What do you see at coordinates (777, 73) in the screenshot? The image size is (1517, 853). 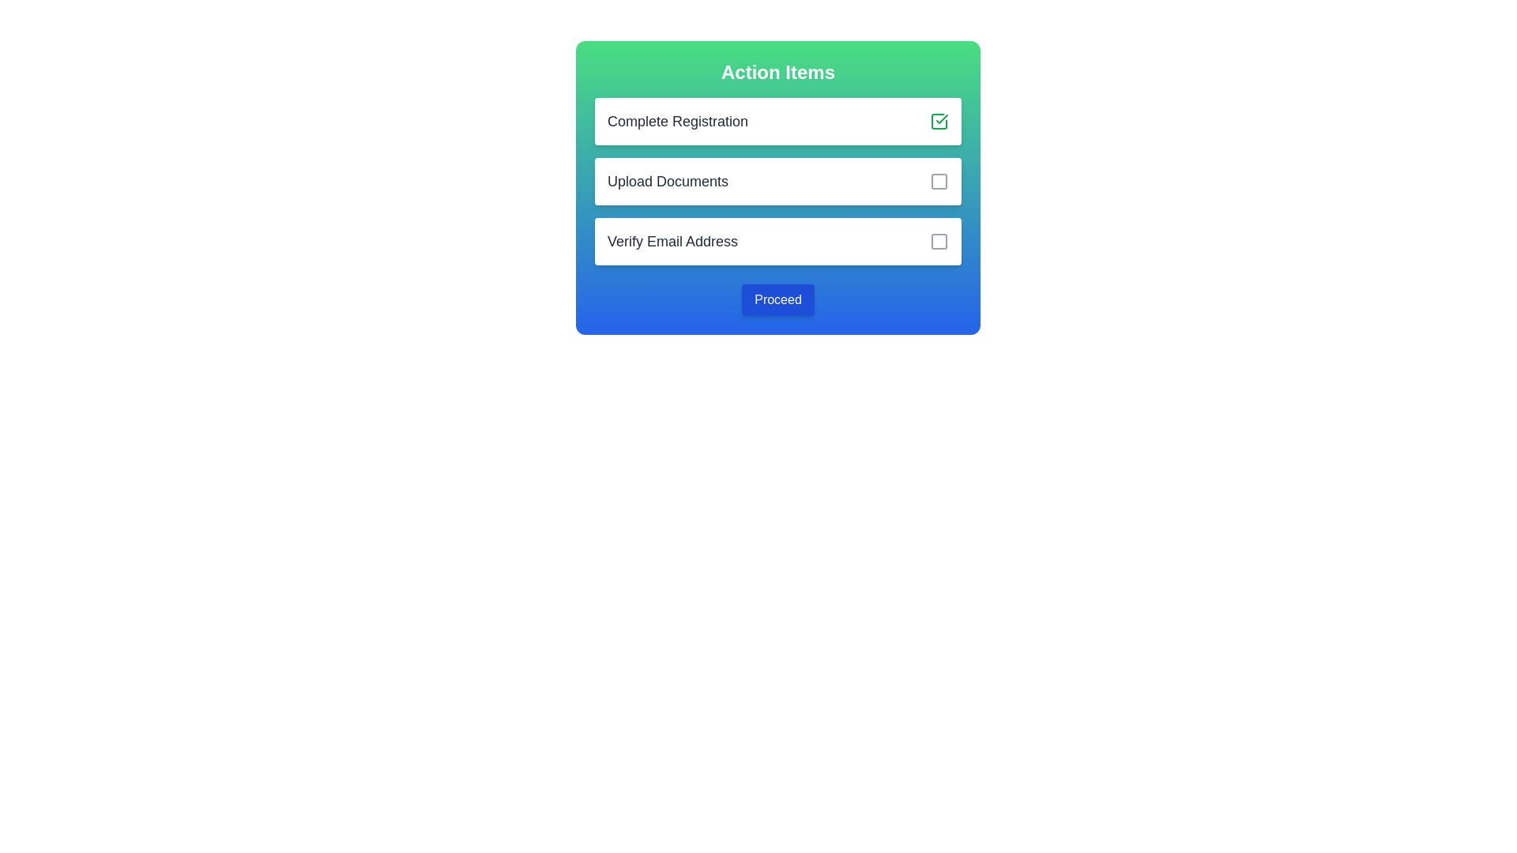 I see `the text header labeled 'Action Items' displayed in bold white font at the top of a card-like component with a gradient green to blue background` at bounding box center [777, 73].